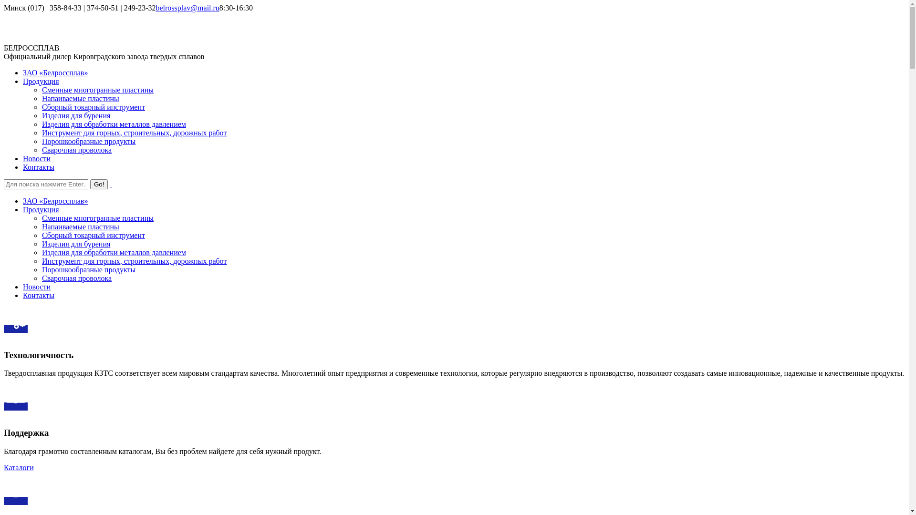 The image size is (916, 515). I want to click on 'Skip to content', so click(3, 3).